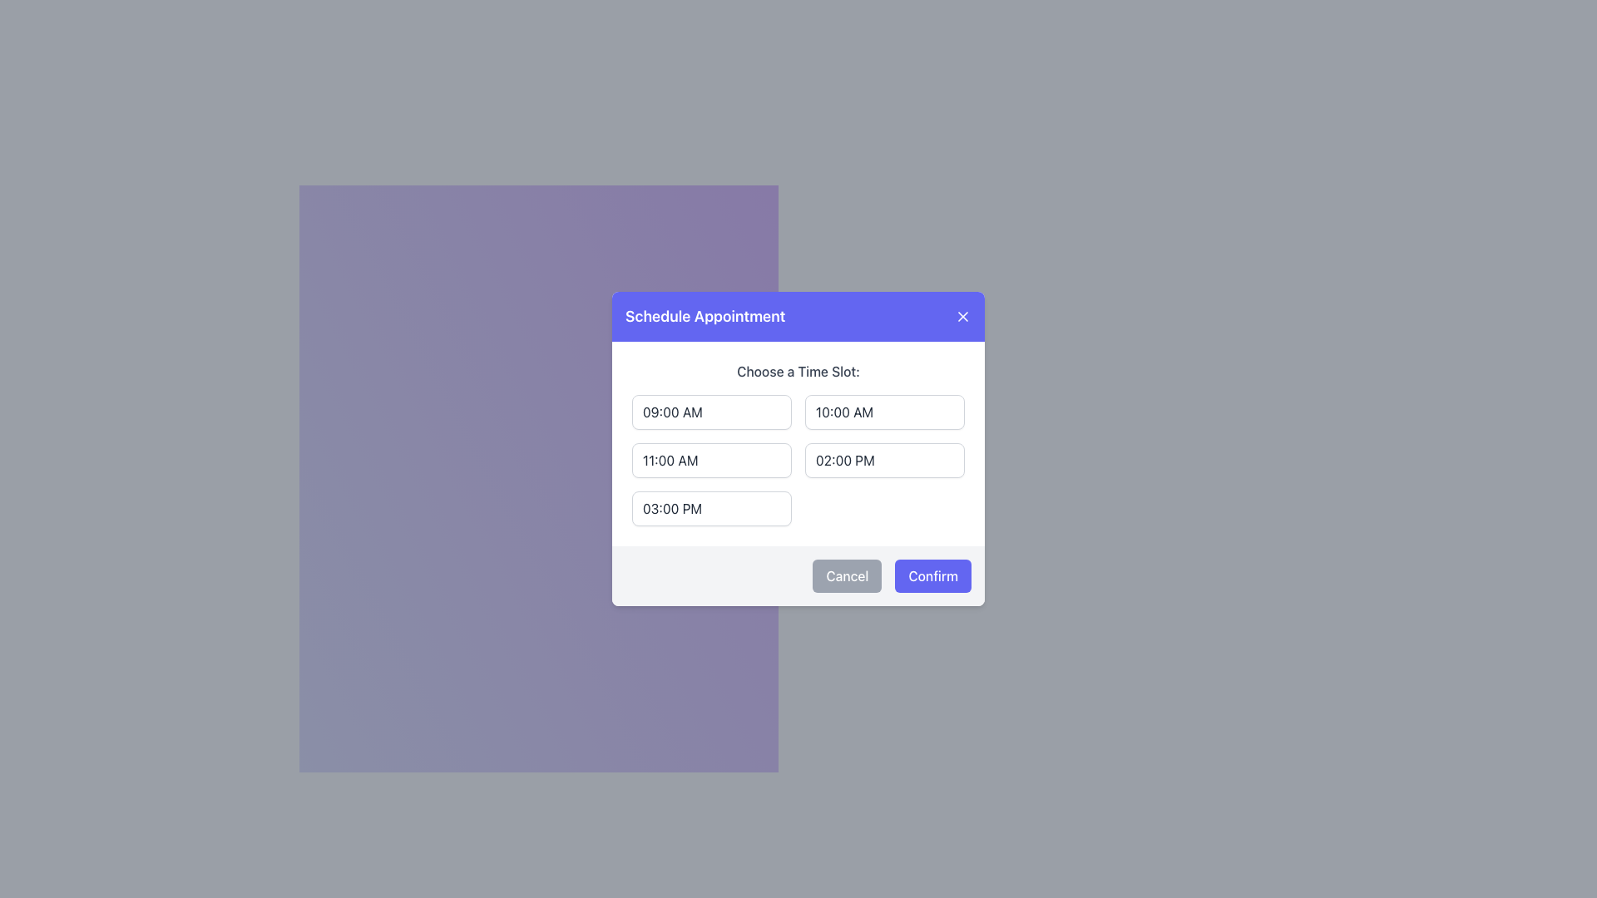 The image size is (1597, 898). I want to click on the button displaying '09:00 AM' in the 'Schedule Appointment' dialog, so click(711, 412).